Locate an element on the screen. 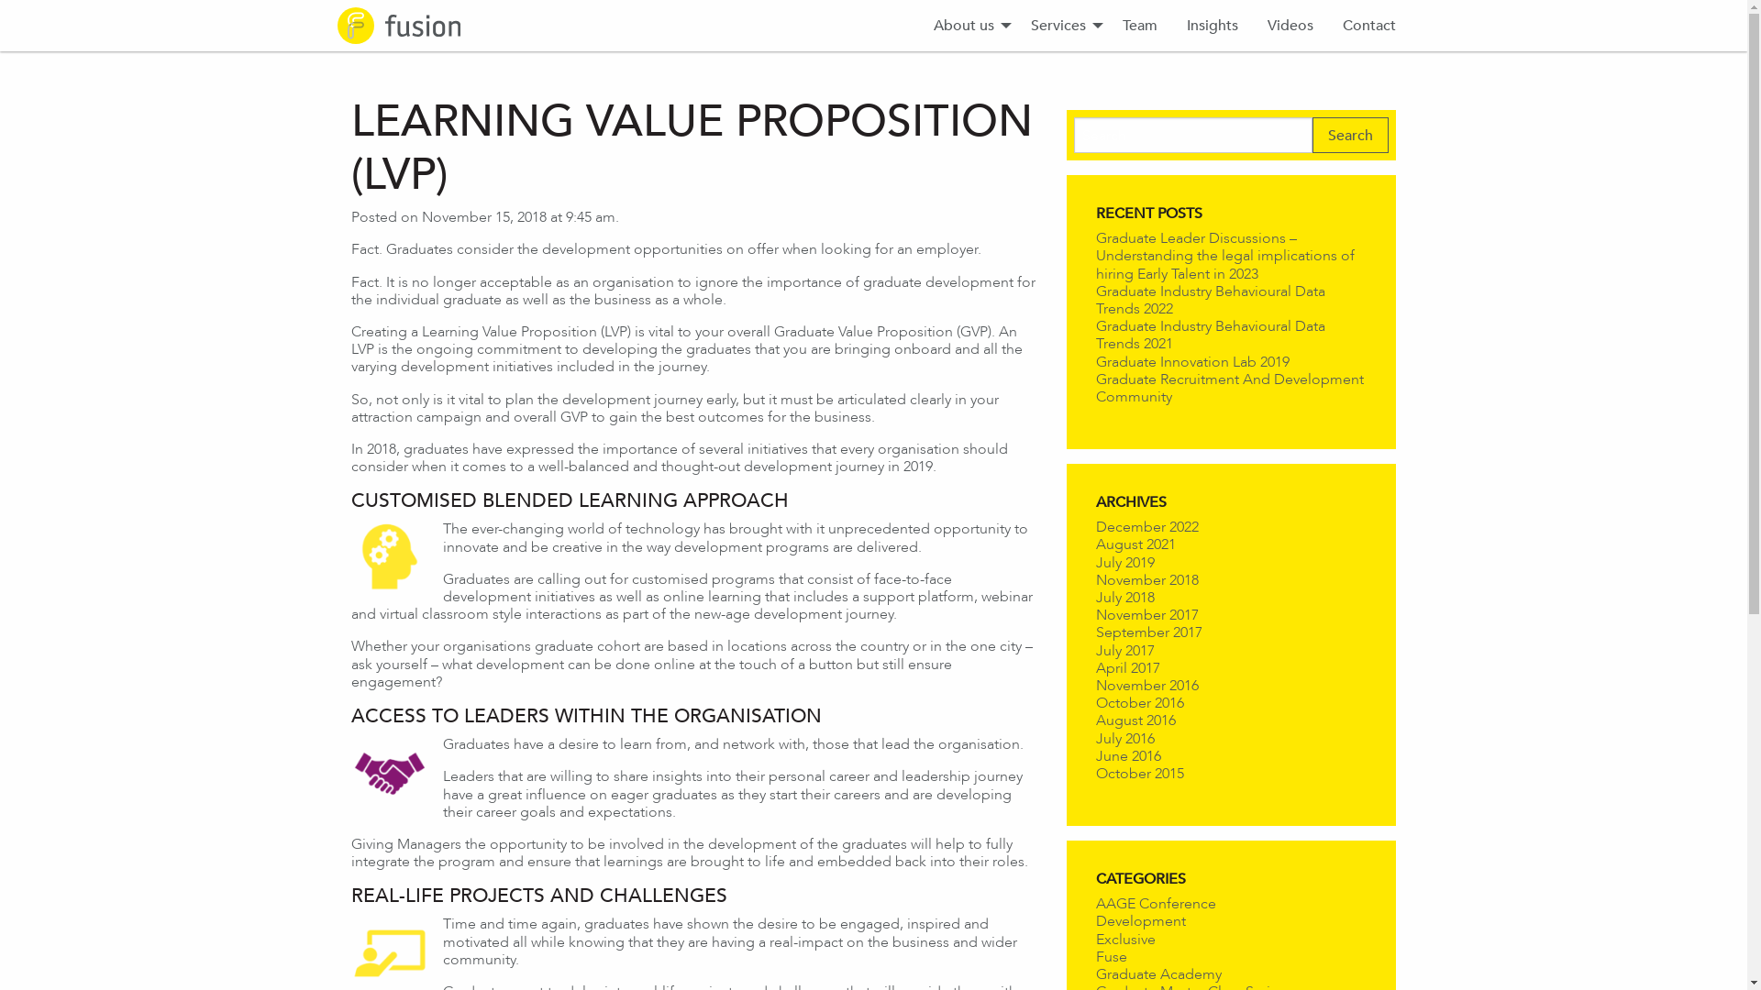  'August 2021' is located at coordinates (1134, 543).